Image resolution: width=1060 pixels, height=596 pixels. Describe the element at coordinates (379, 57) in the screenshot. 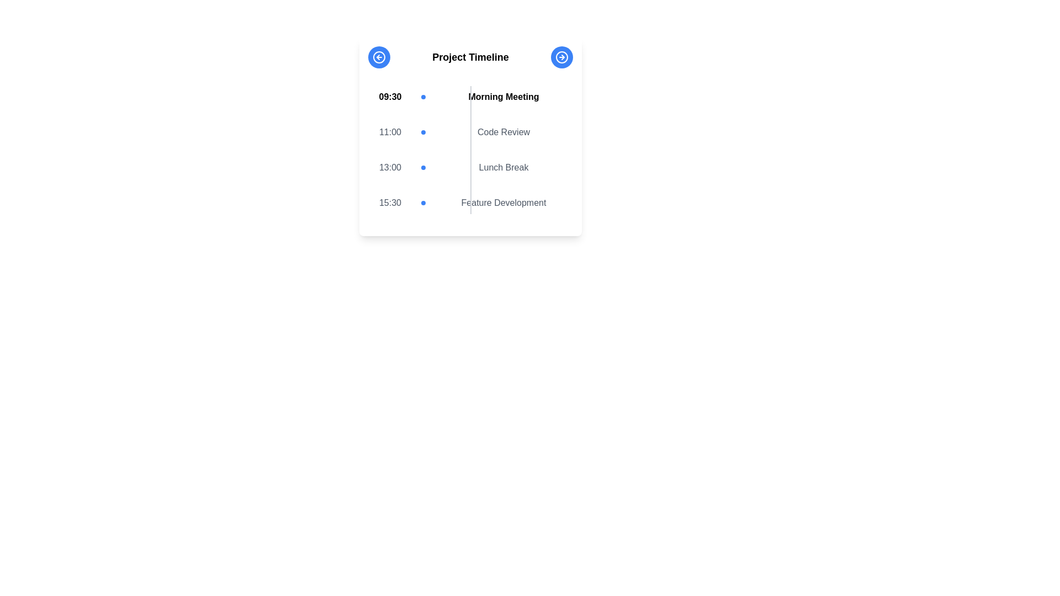

I see `the button with a leftward arrow inside a circular outline, styled with a blue background and white arrow, located in the top-left region of the 'Project Timeline' card` at that location.